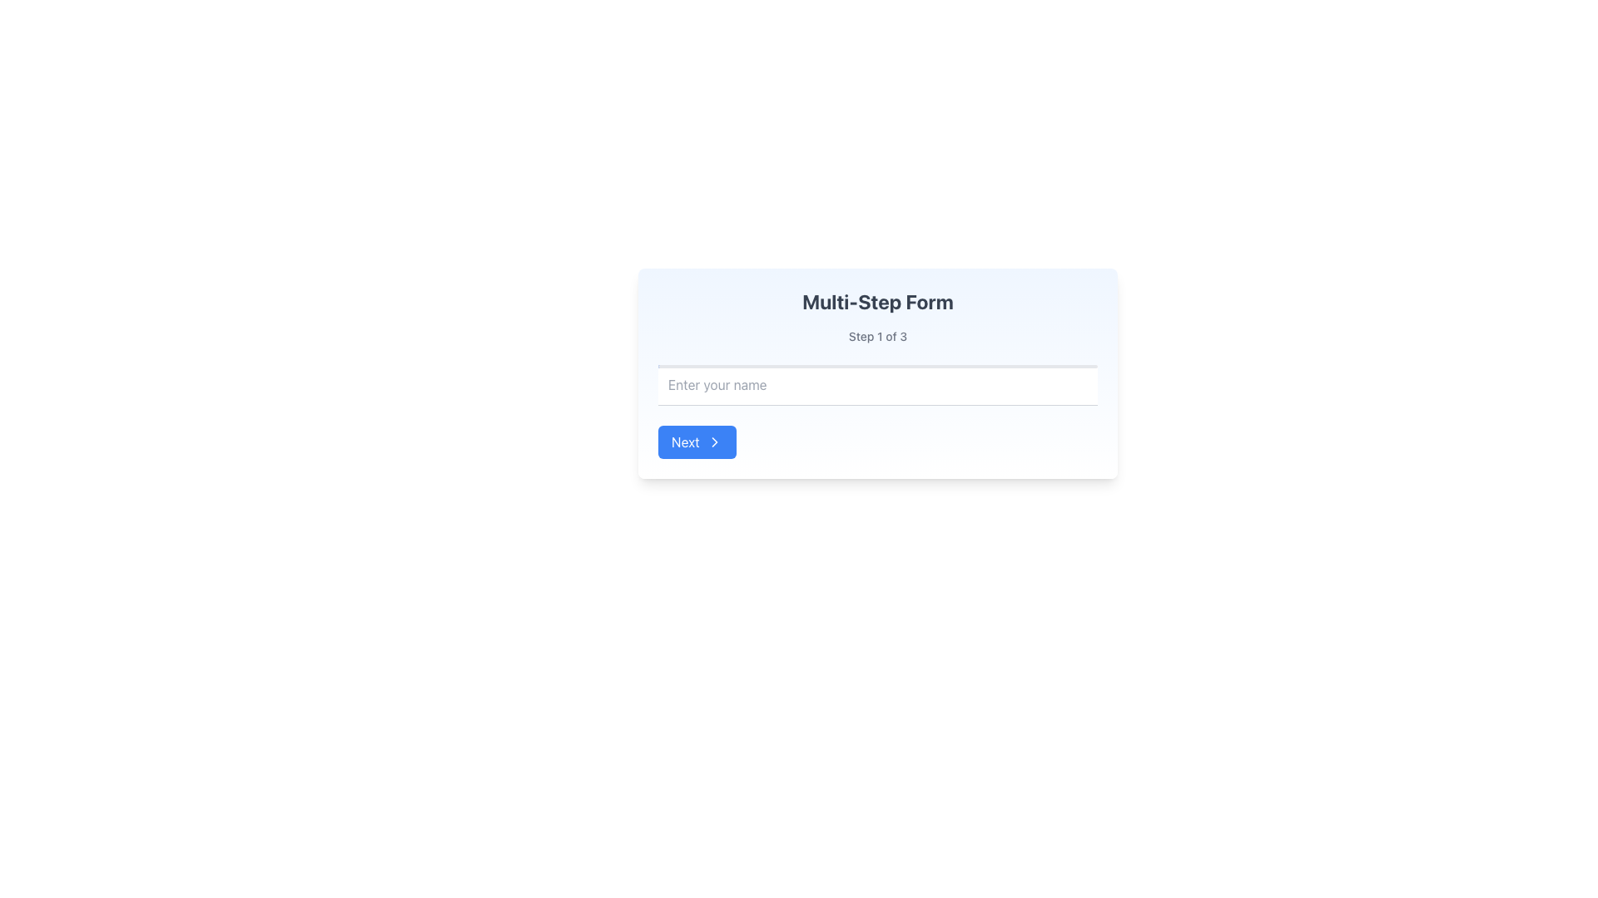  What do you see at coordinates (877, 301) in the screenshot?
I see `the header text that reads 'Multi-Step Form', which is styled in bold, large gray font and center-aligned at the top of the card component` at bounding box center [877, 301].